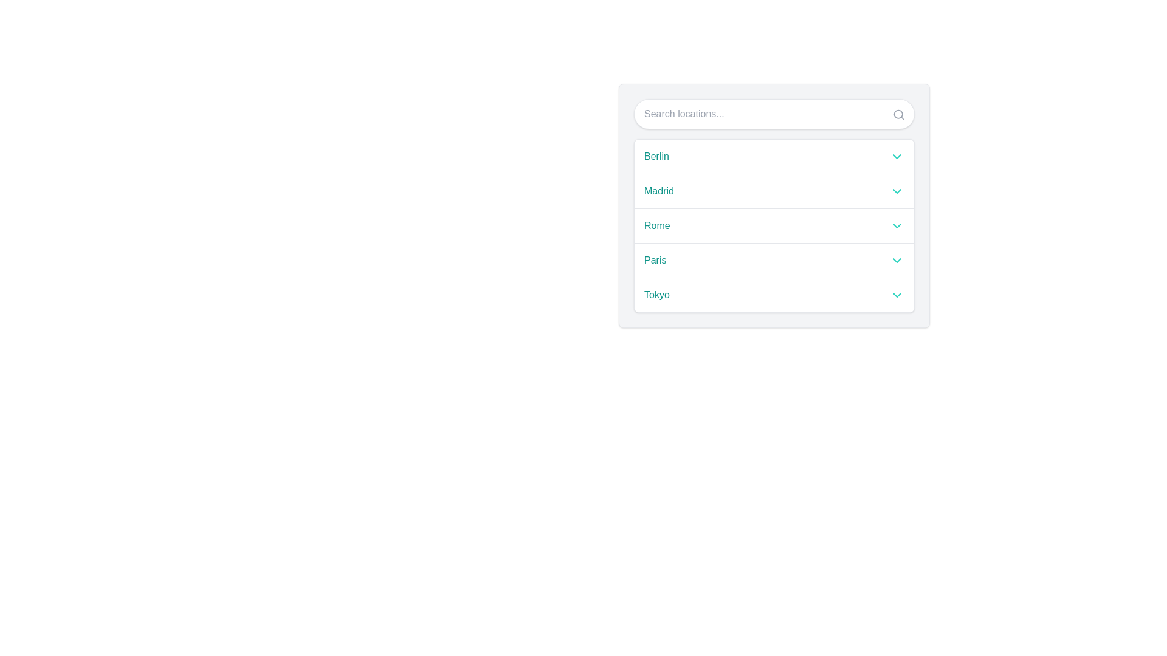 The image size is (1167, 656). Describe the element at coordinates (773, 191) in the screenshot. I see `the dropdown menu option labeled 'Madrid'` at that location.